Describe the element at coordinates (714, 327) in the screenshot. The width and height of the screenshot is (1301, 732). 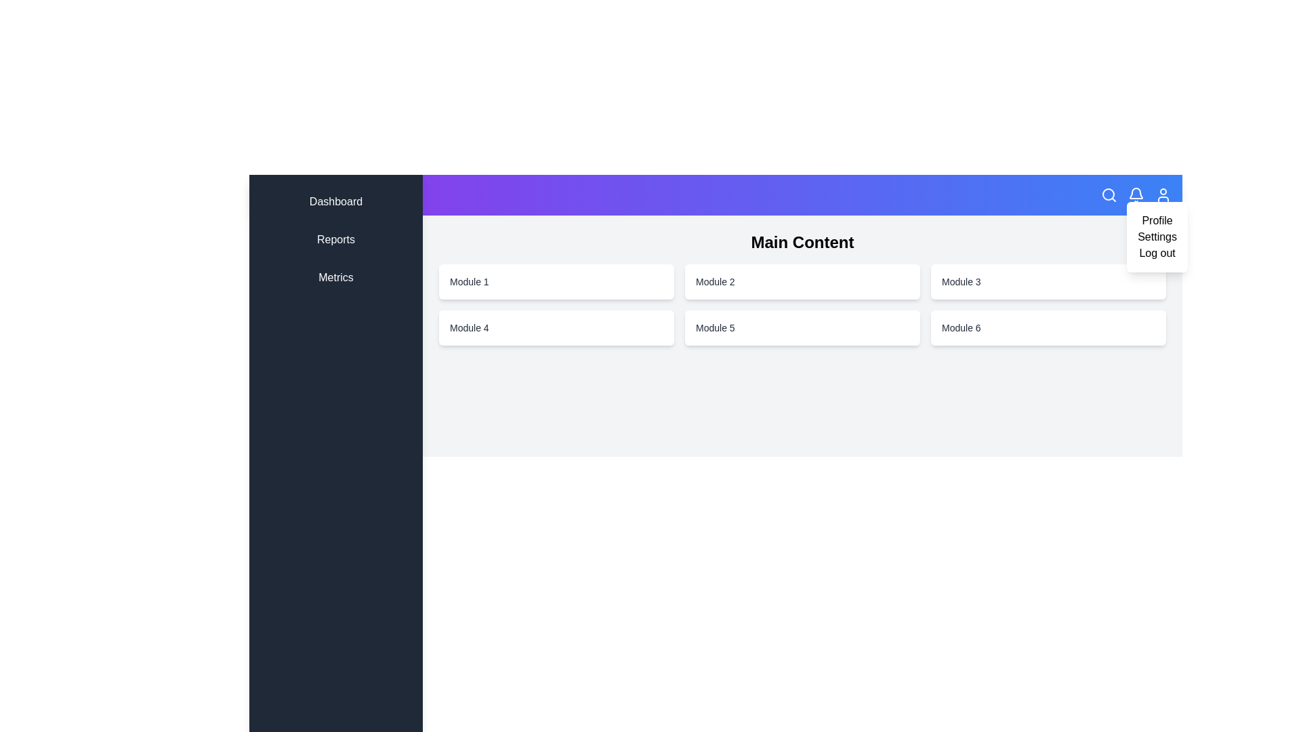
I see `the text label that identifies the associated module within the system, located in the bottom-left of a rectangular card in the second row of the grid layout` at that location.